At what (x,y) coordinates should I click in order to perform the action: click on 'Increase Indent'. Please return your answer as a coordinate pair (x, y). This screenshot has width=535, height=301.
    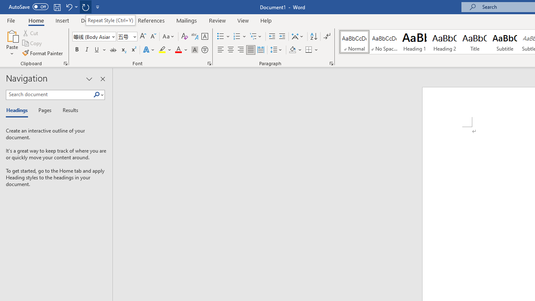
    Looking at the image, I should click on (282, 36).